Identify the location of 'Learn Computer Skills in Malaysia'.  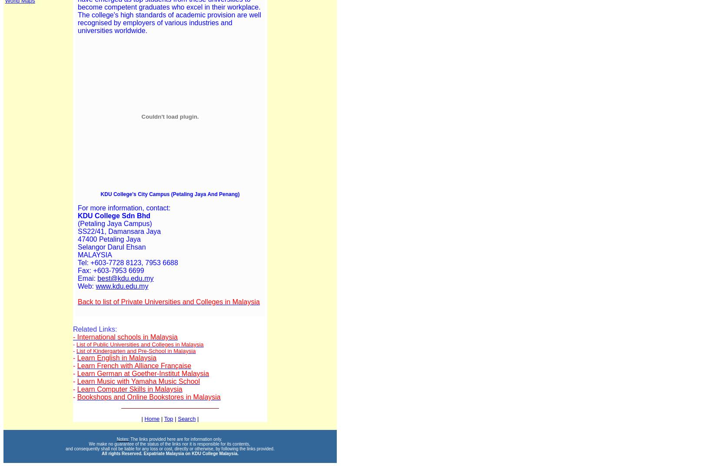
(129, 389).